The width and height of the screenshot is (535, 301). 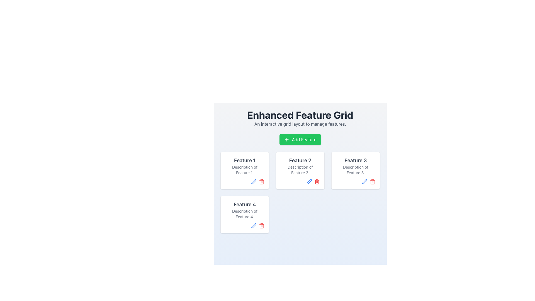 What do you see at coordinates (261, 226) in the screenshot?
I see `the delete button located at the bottom-right corner of the 'Feature 4' card` at bounding box center [261, 226].